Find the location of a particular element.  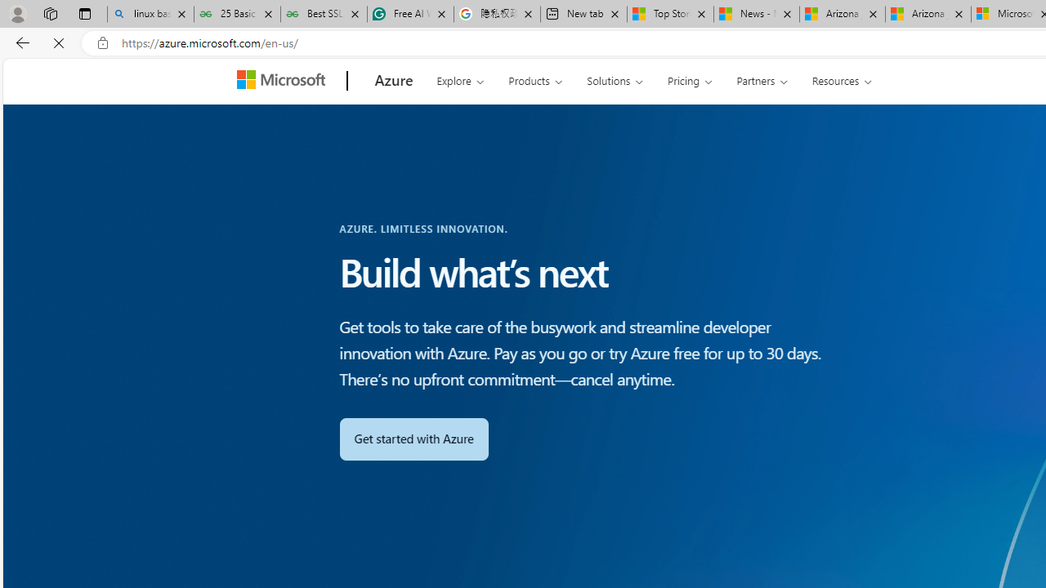

'Get started with Pay as you go using Azure' is located at coordinates (413, 438).